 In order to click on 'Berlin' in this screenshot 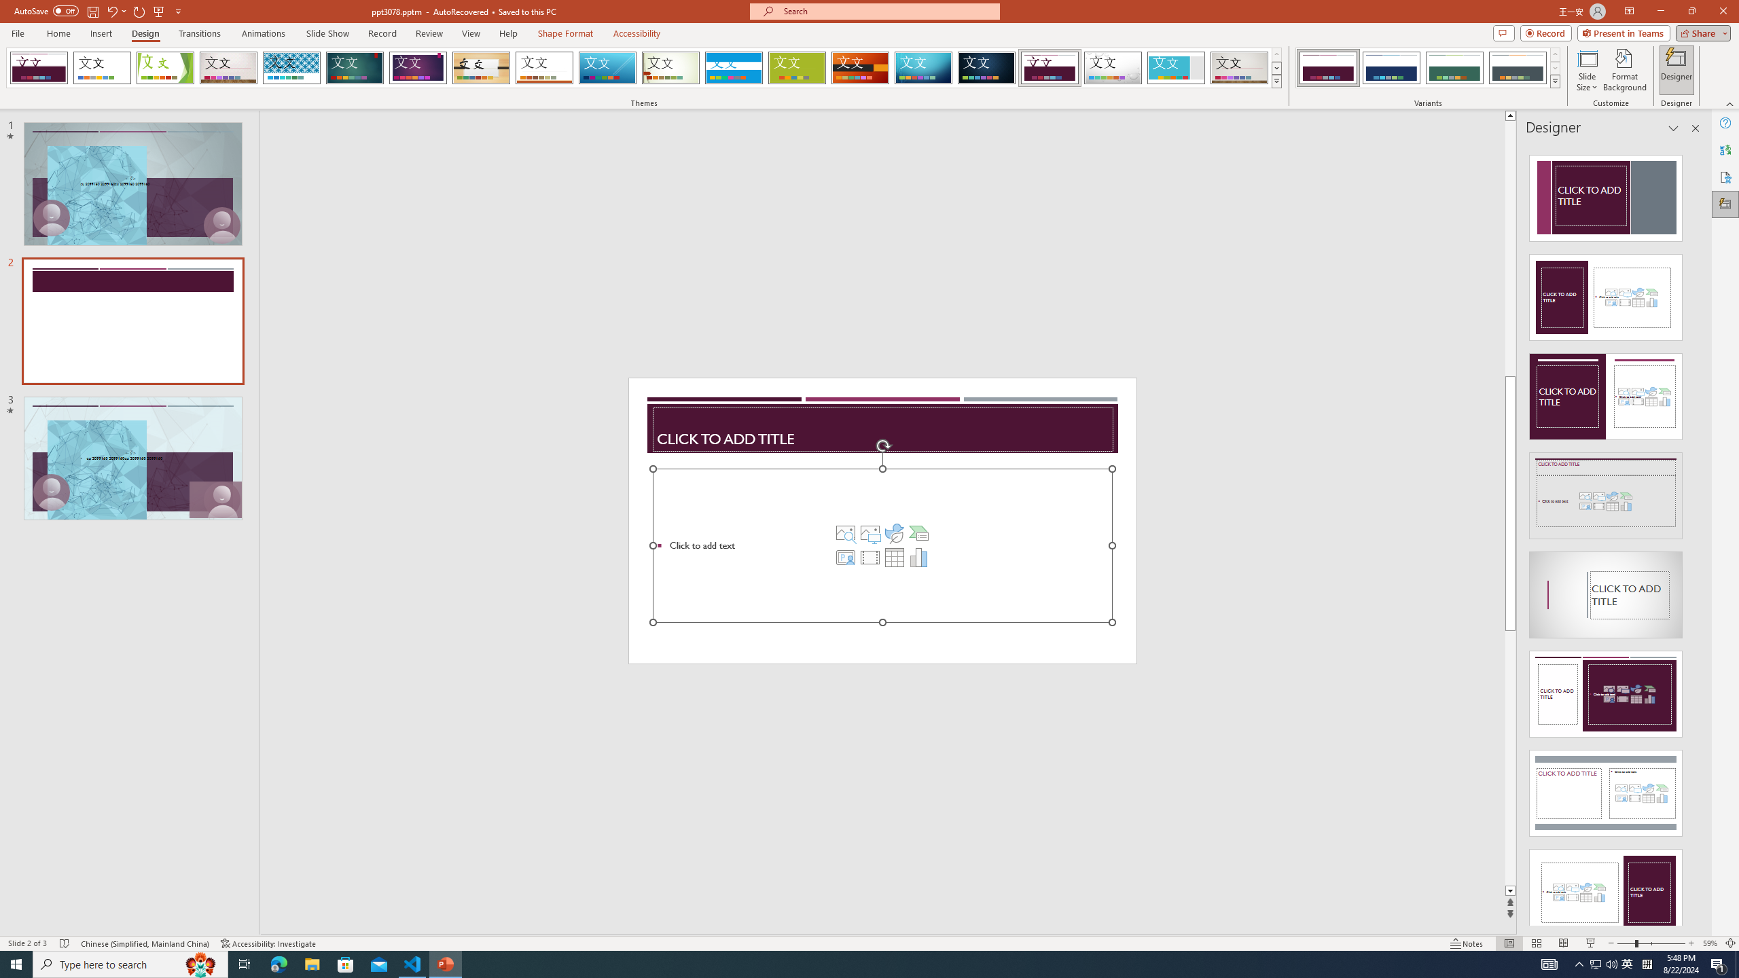, I will do `click(861, 67)`.